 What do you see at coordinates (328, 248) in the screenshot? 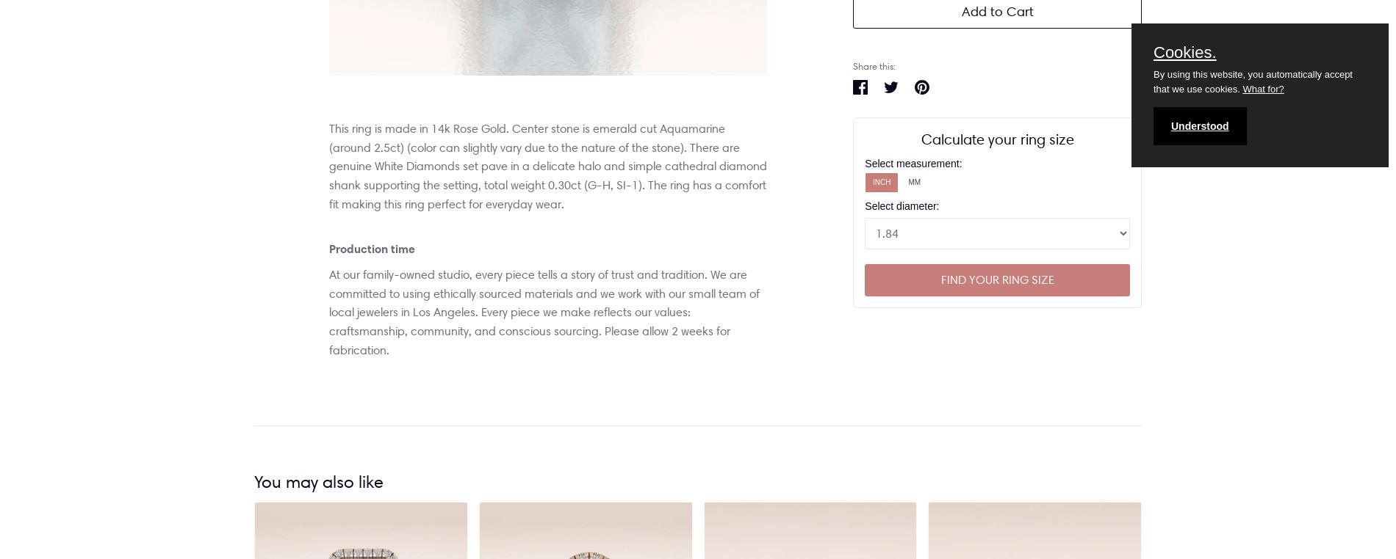
I see `'Production time'` at bounding box center [328, 248].